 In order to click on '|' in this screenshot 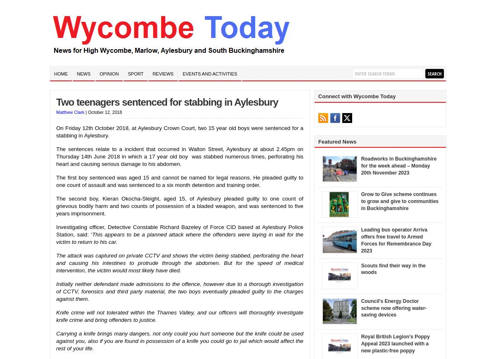, I will do `click(85, 112)`.